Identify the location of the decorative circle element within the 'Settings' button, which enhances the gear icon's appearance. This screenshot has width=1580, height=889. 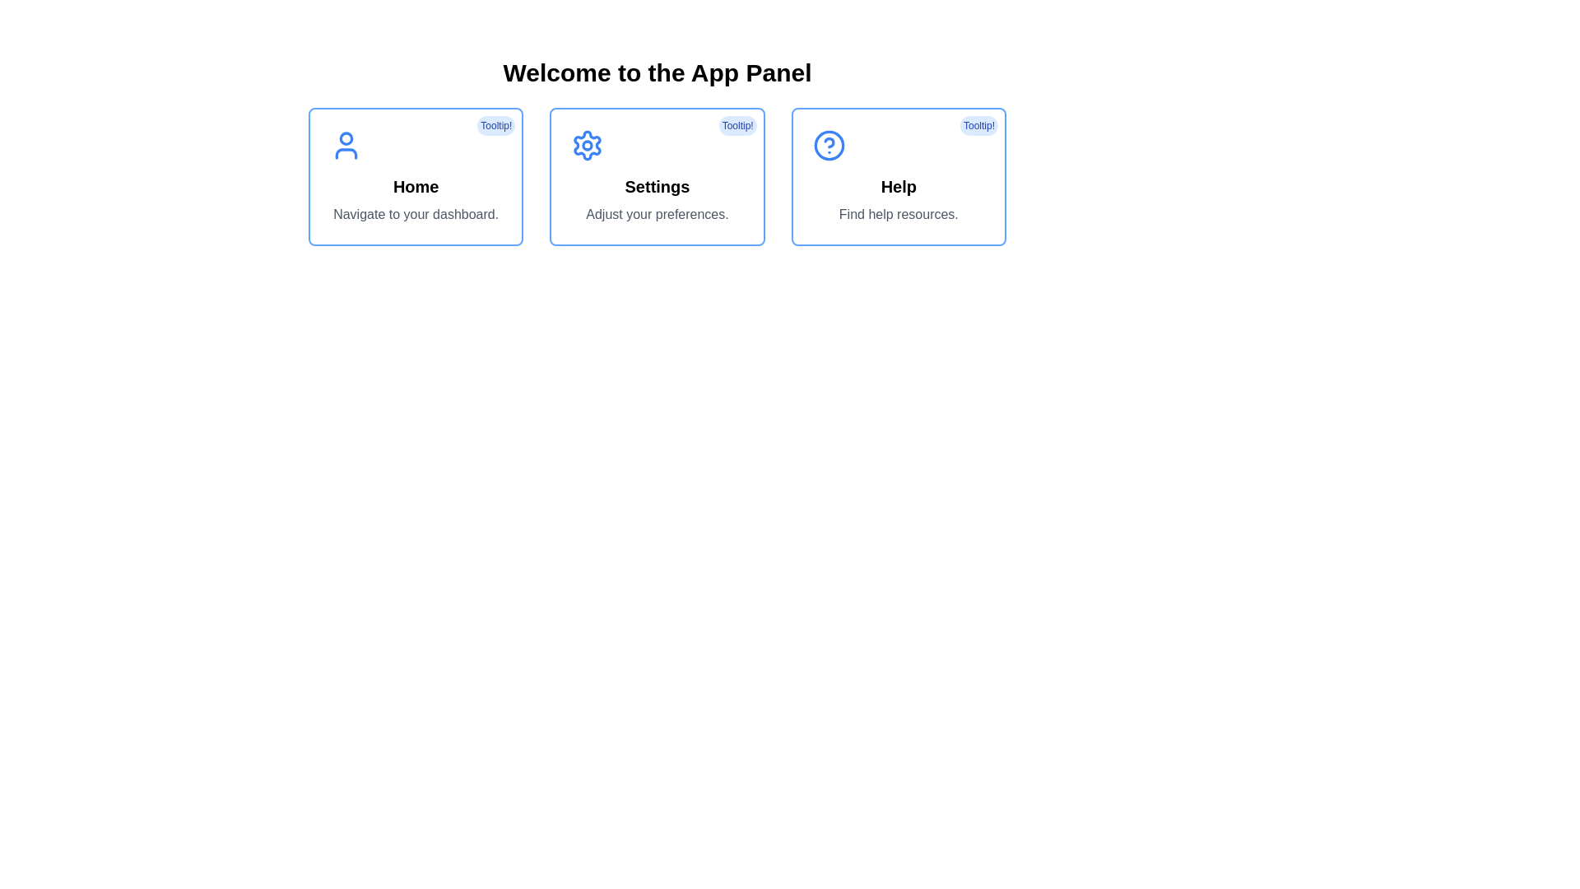
(588, 145).